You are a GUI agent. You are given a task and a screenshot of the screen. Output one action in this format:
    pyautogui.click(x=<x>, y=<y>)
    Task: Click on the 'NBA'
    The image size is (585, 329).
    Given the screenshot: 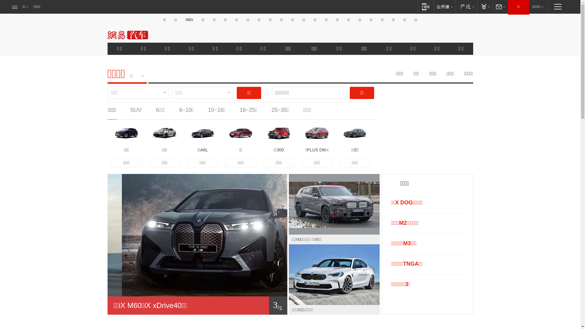 What is the action you would take?
    pyautogui.click(x=189, y=19)
    